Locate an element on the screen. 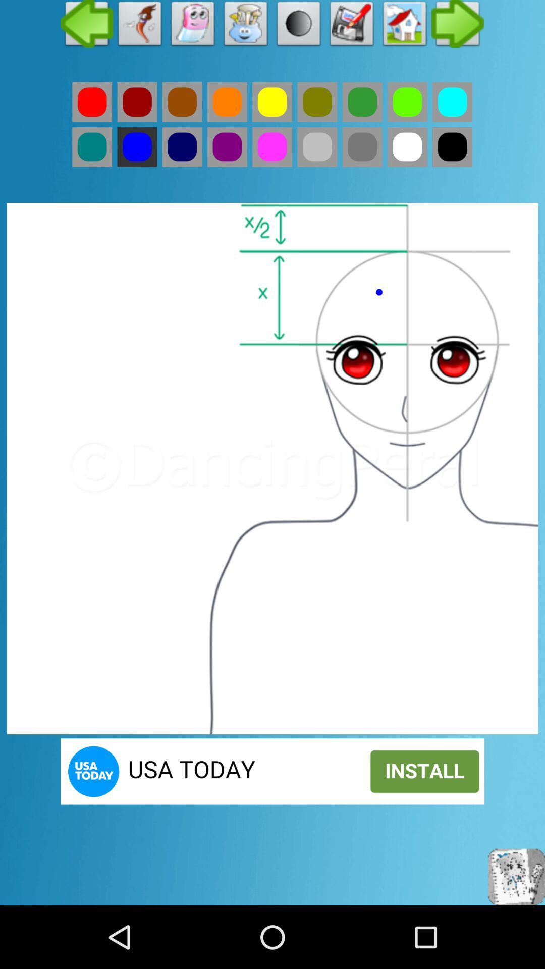 Image resolution: width=545 pixels, height=969 pixels. the arrow_forward icon is located at coordinates (458, 28).